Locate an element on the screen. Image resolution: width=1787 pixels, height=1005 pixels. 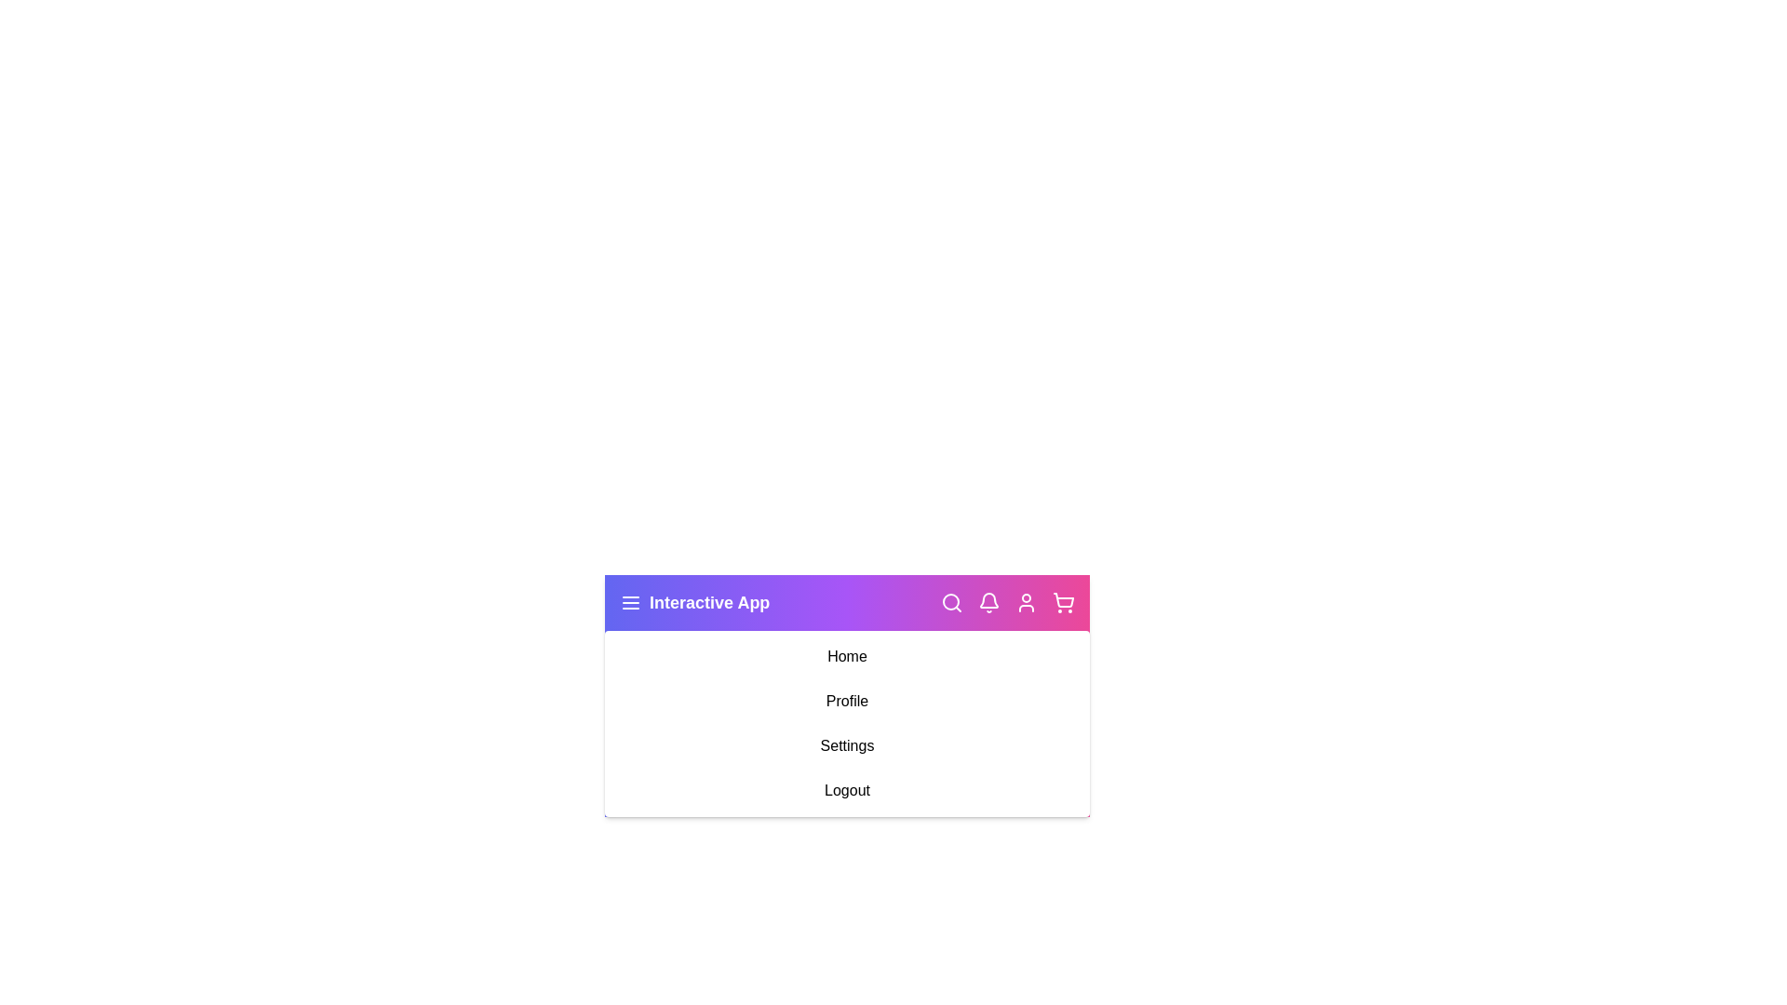
the bell_icon to observe hover effects is located at coordinates (988, 603).